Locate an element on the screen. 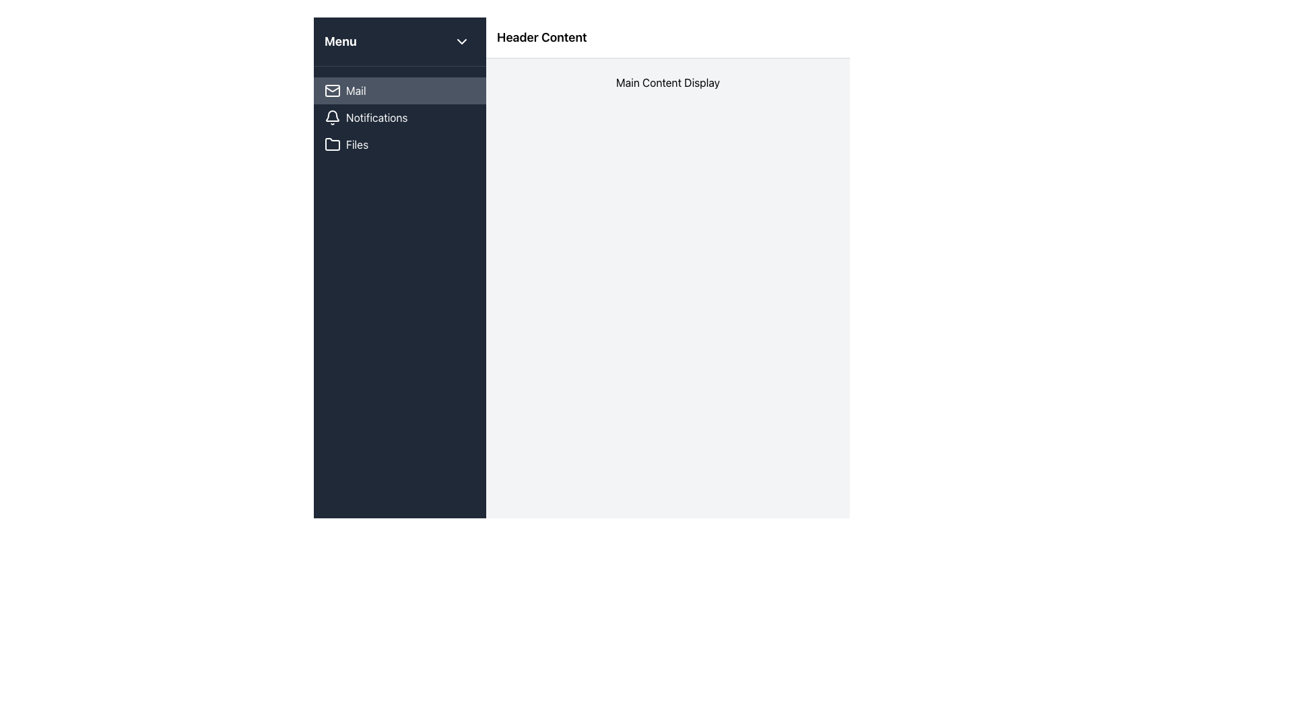  the envelope icon on the left sidebar next to the 'Mail' label is located at coordinates (333, 88).